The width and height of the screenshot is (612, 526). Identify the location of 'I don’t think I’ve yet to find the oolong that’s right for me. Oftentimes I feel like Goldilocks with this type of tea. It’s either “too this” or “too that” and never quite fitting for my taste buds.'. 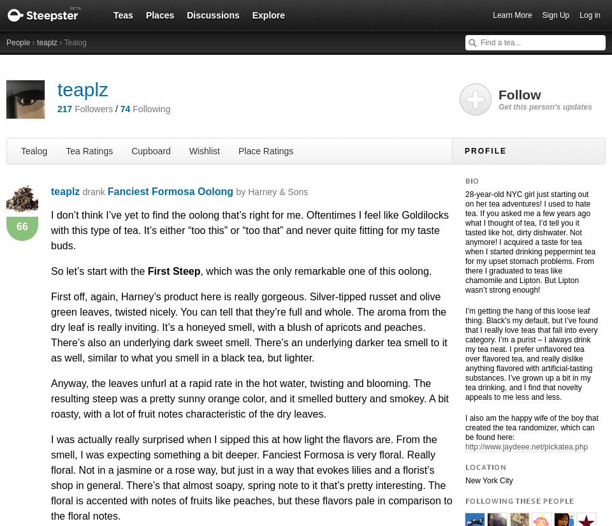
(249, 230).